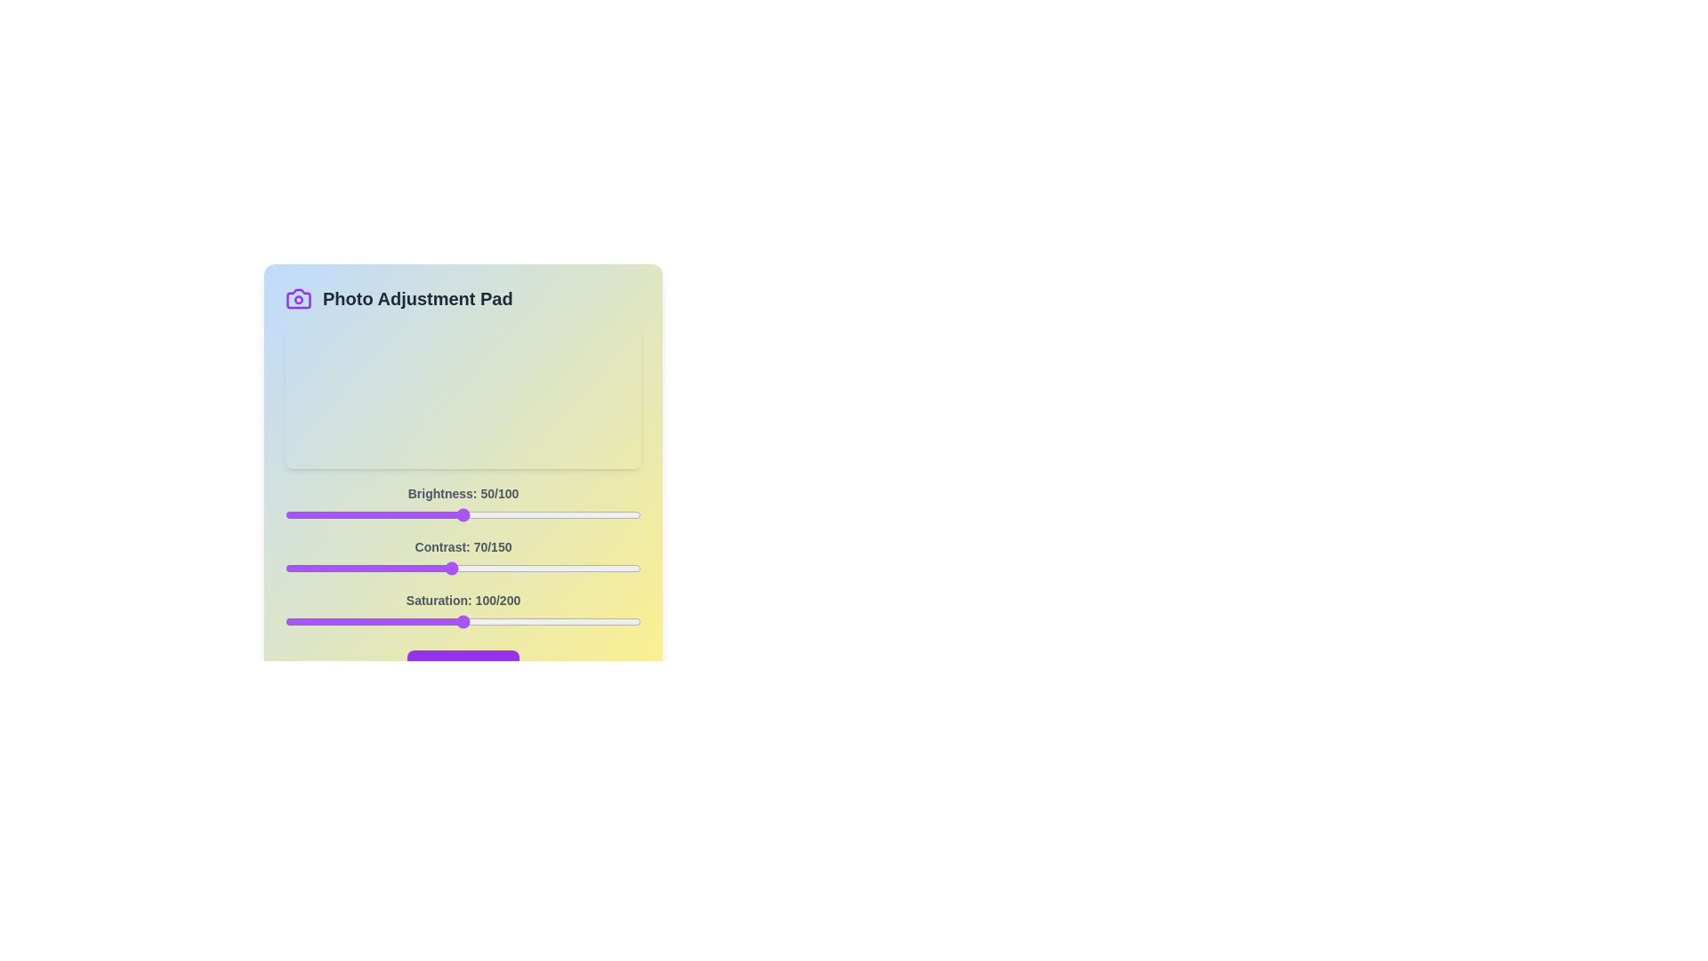  Describe the element at coordinates (289, 514) in the screenshot. I see `the 0 slider to 1` at that location.